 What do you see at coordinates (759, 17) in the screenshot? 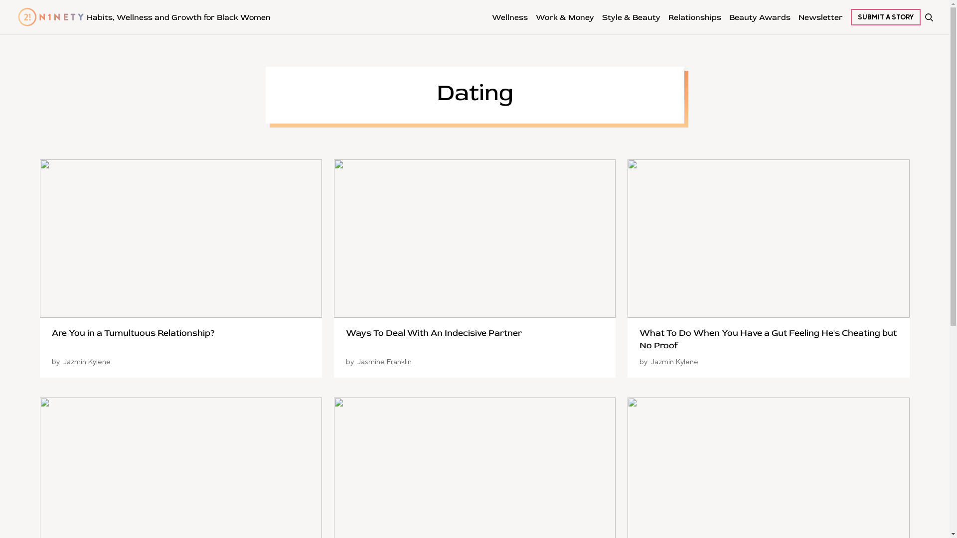
I see `'Beauty Awards'` at bounding box center [759, 17].